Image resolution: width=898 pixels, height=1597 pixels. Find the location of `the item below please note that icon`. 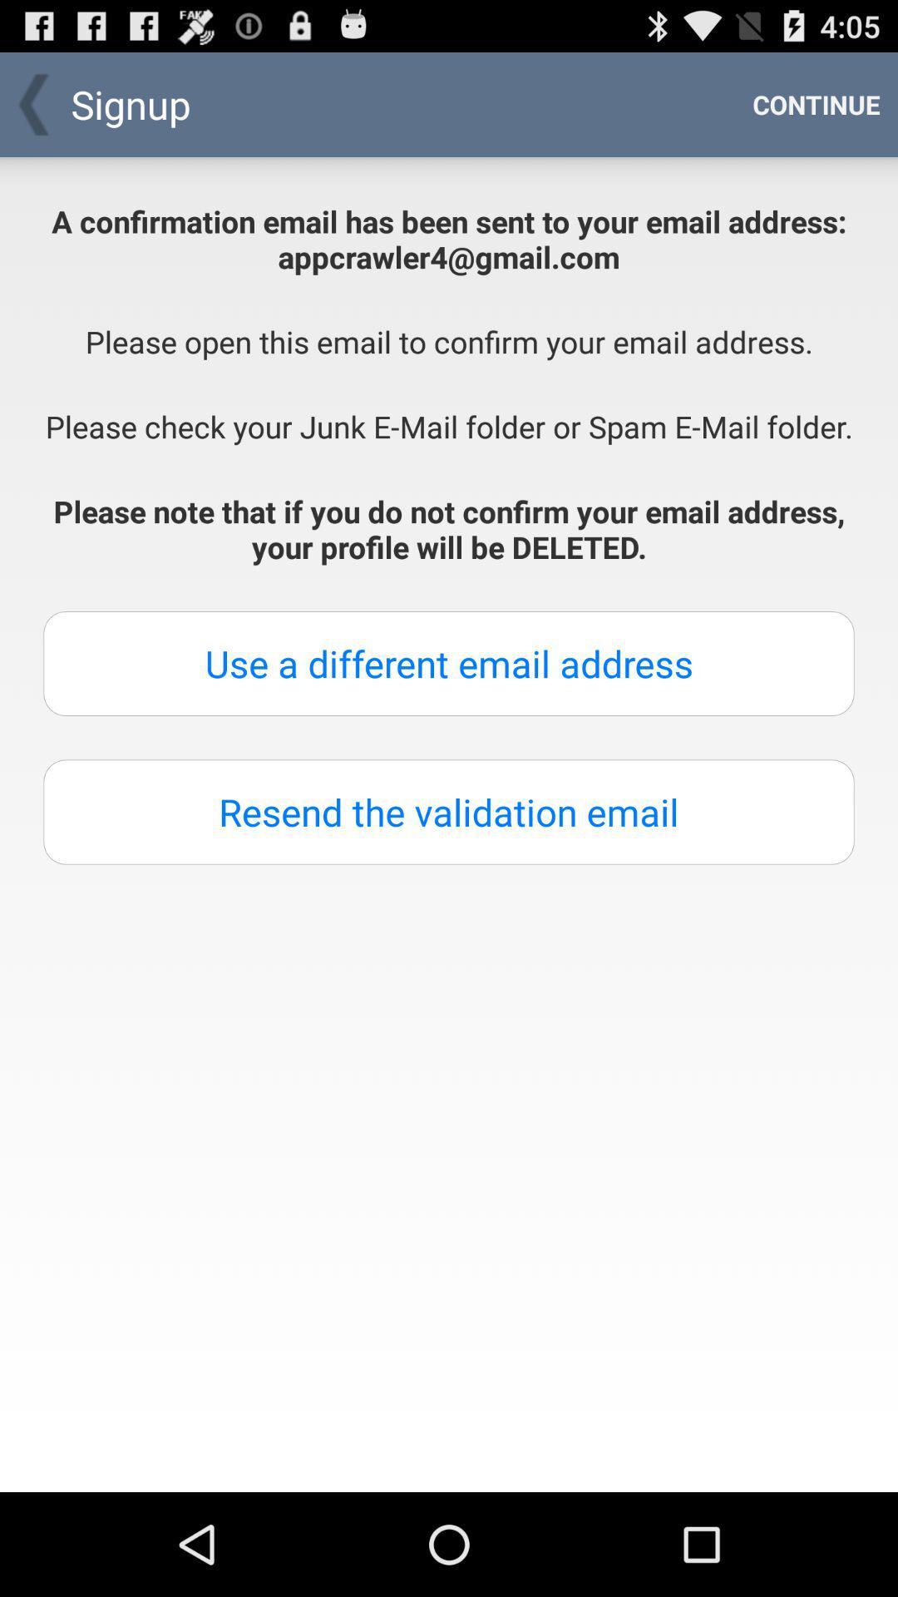

the item below please note that icon is located at coordinates (449, 662).